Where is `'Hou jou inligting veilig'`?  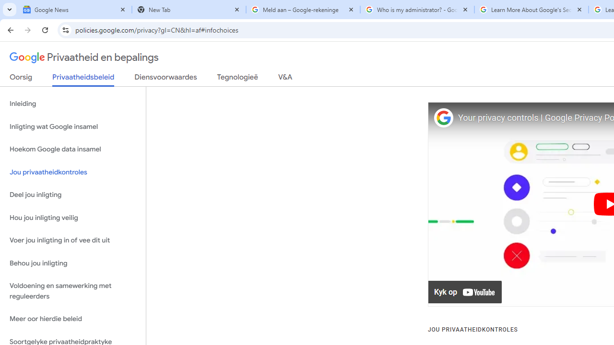
'Hou jou inligting veilig' is located at coordinates (72, 218).